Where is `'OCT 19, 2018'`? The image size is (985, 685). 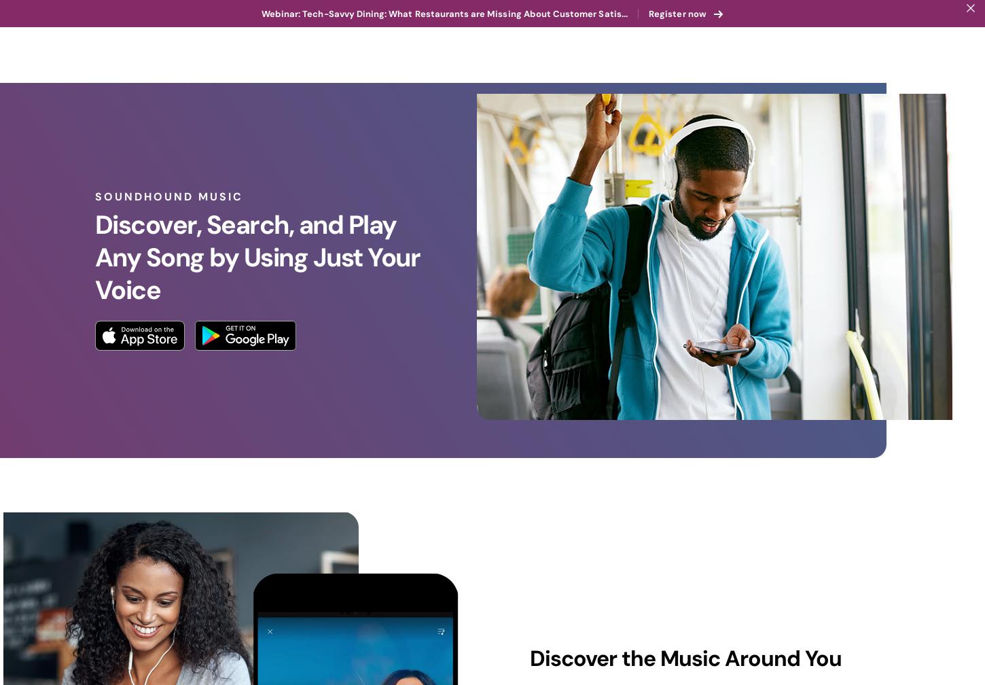
'OCT 19, 2018' is located at coordinates (763, 623).